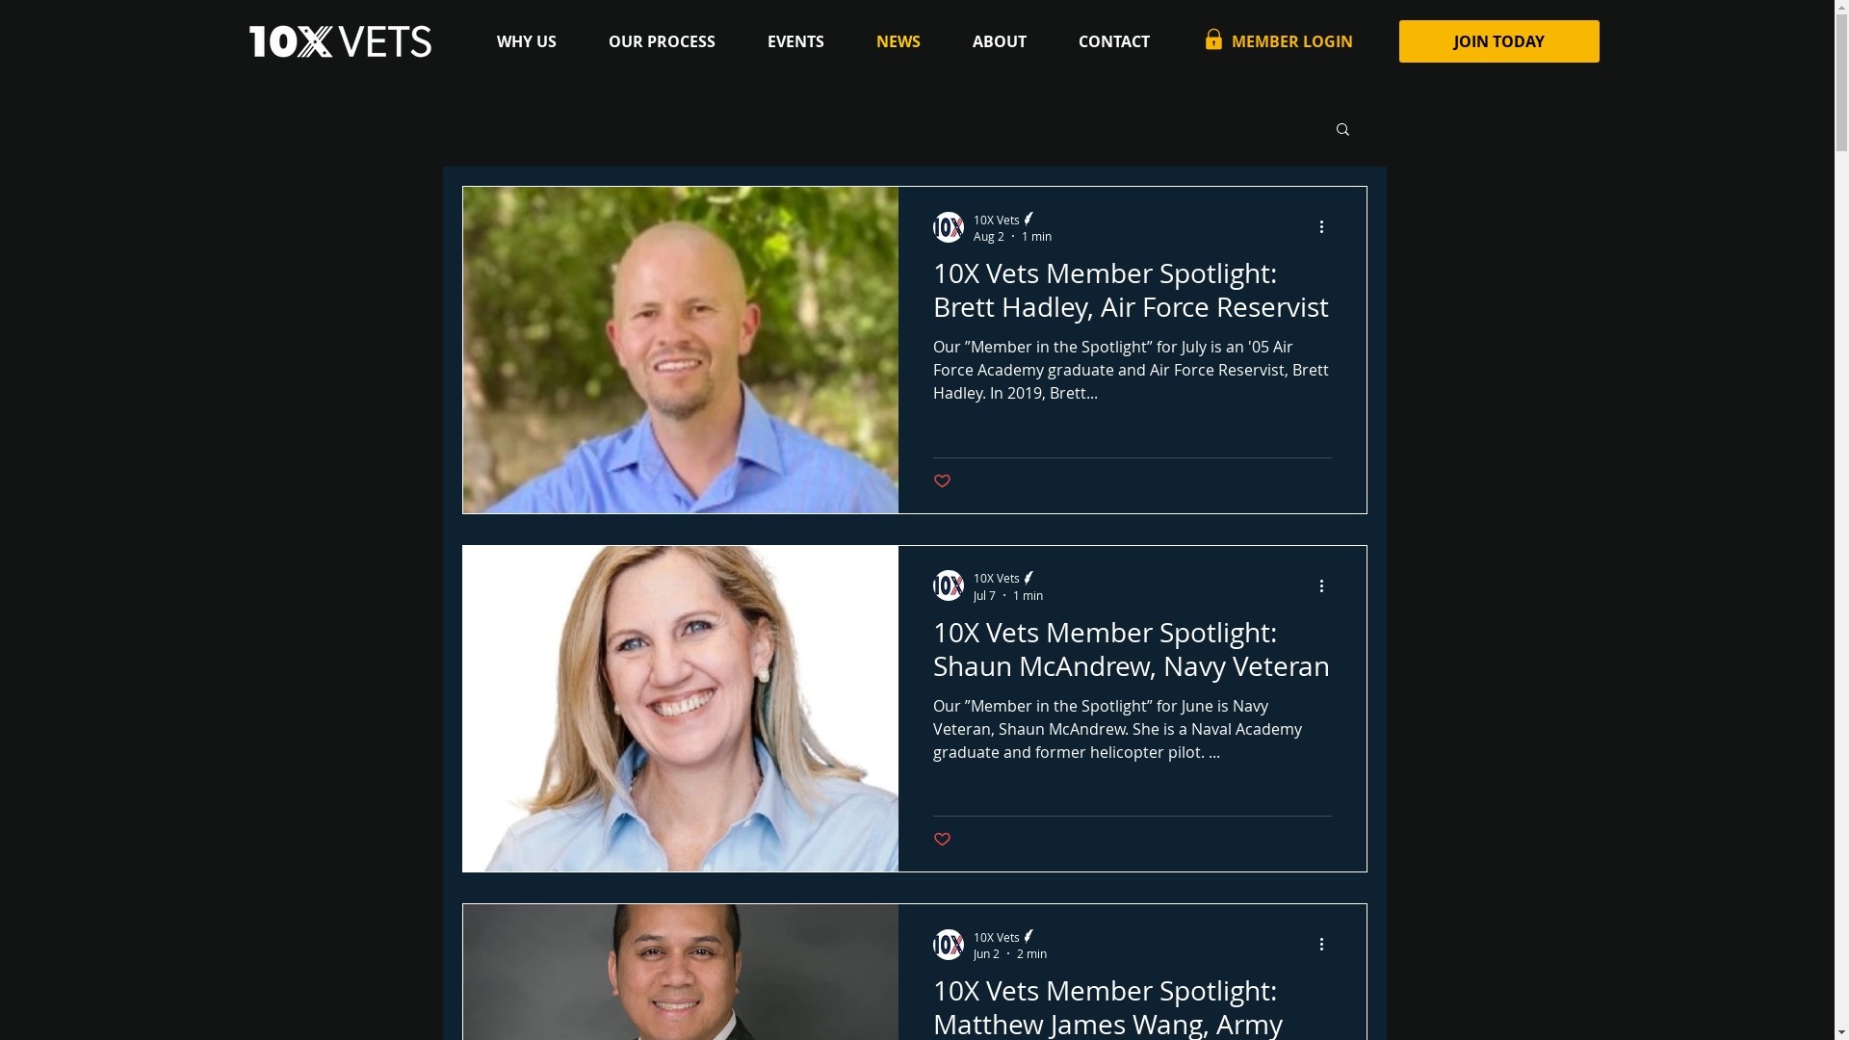 The image size is (1849, 1040). What do you see at coordinates (1009, 40) in the screenshot?
I see `'ABOUT'` at bounding box center [1009, 40].